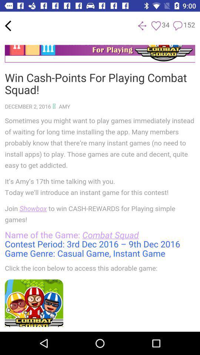  I want to click on the arrow_backward icon, so click(7, 26).